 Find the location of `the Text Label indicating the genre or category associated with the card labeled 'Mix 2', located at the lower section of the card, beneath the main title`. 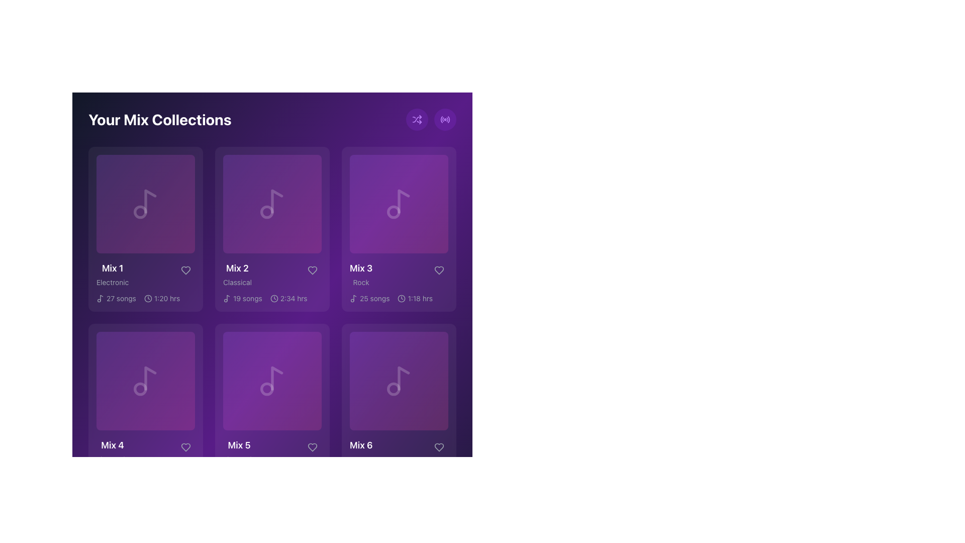

the Text Label indicating the genre or category associated with the card labeled 'Mix 2', located at the lower section of the card, beneath the main title is located at coordinates (237, 283).